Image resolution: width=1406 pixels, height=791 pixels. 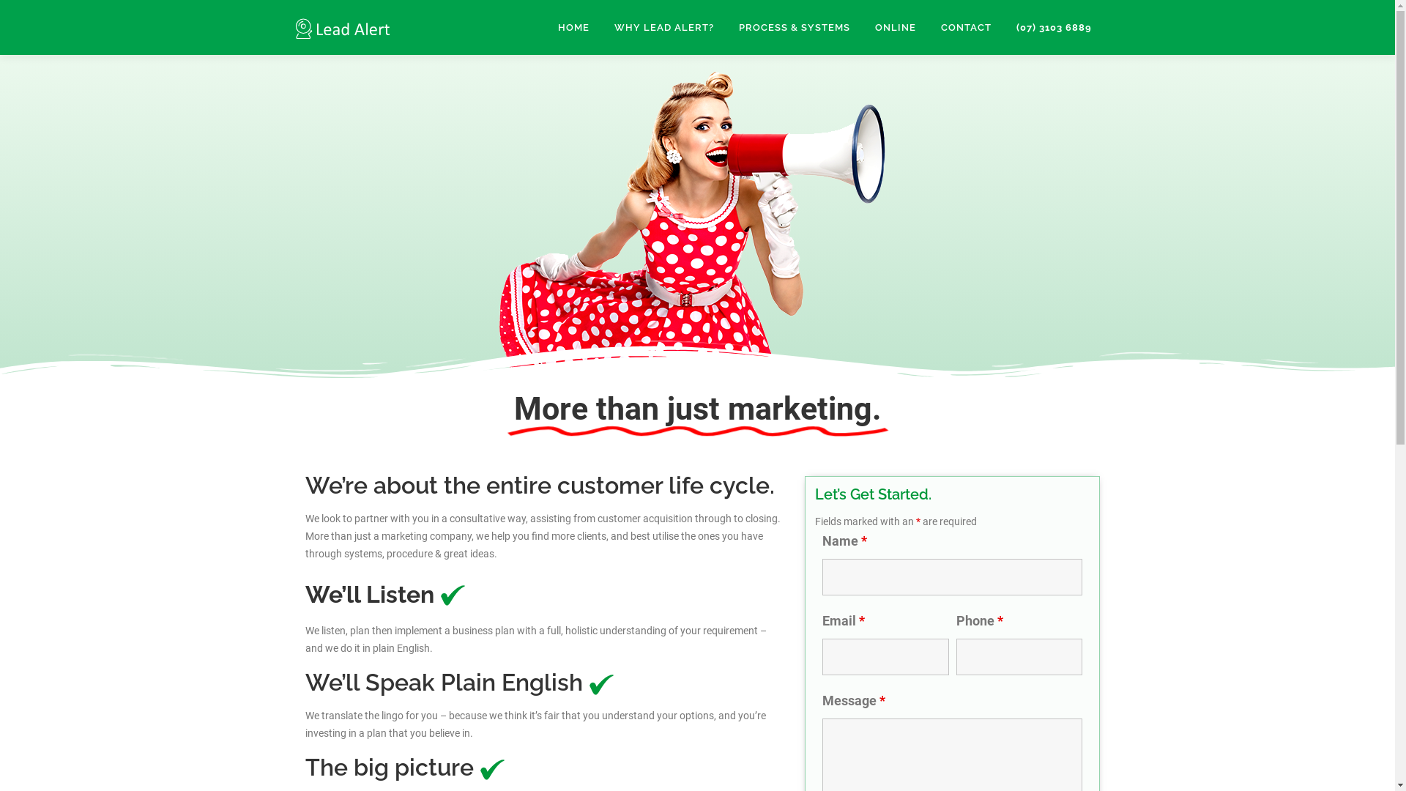 I want to click on 'CONTACT', so click(x=966, y=27).